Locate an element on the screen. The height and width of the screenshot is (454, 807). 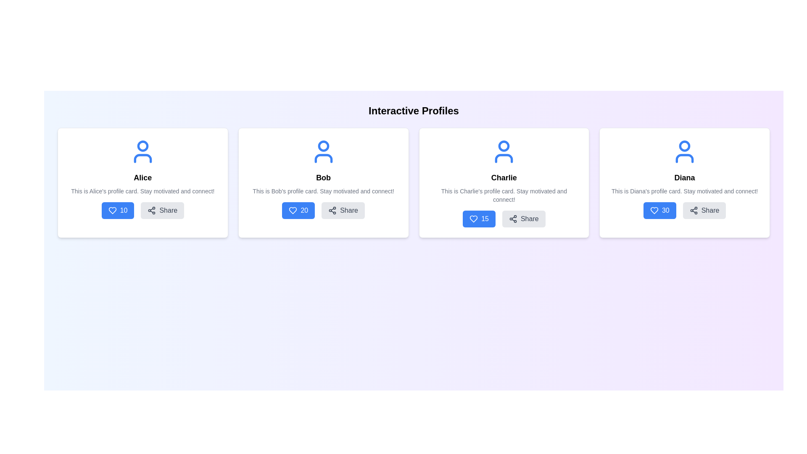
the heart icon located on Bob's profile card in the Interactive Profiles section is located at coordinates (293, 210).